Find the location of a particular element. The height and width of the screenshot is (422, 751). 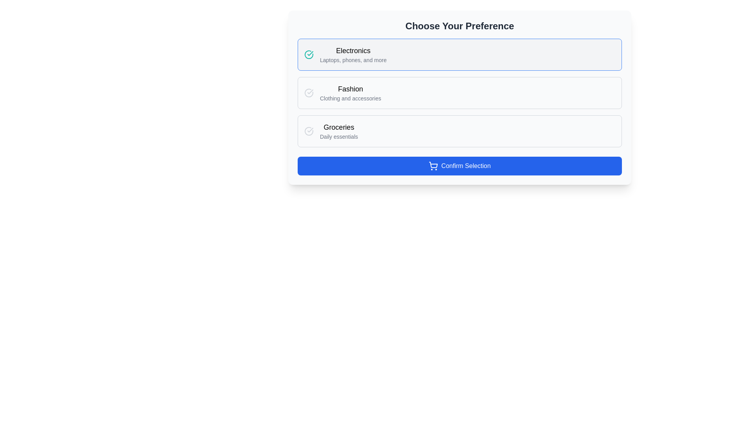

the light gray circle icon with a checkmark inside it, located in the 'Groceries' option row near the left-hand side beside the text labels is located at coordinates (309, 131).